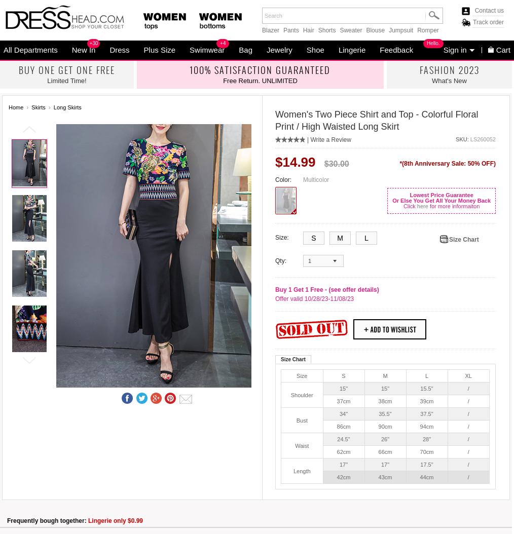  I want to click on 'Frequently bough together:', so click(47, 520).